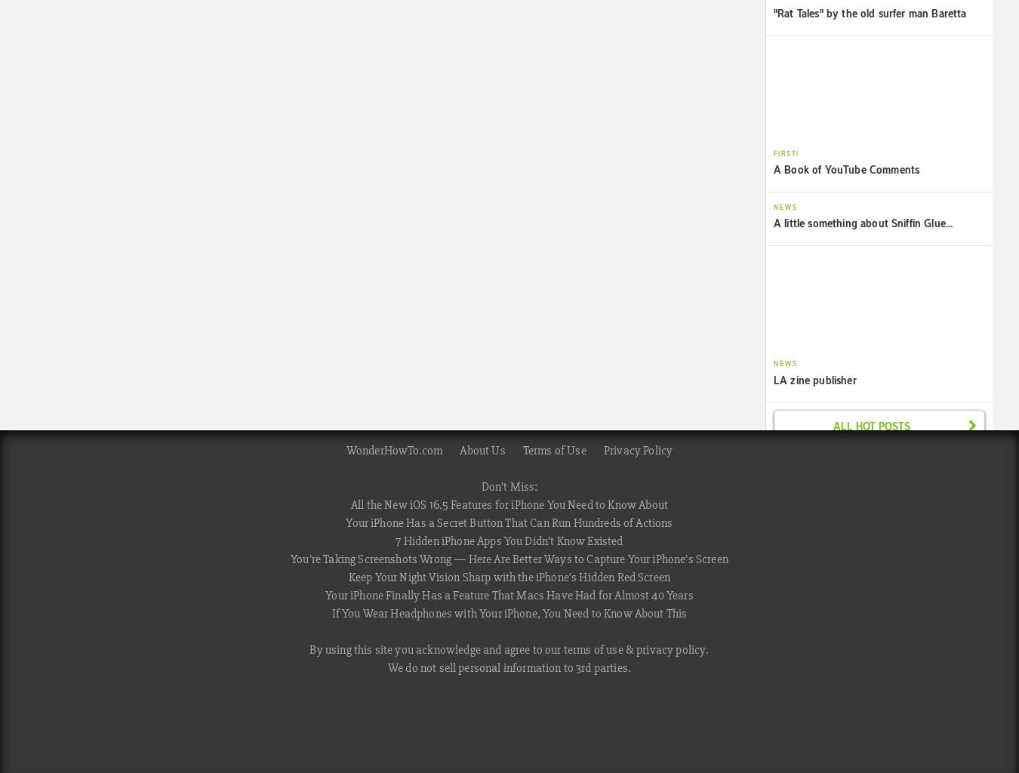  Describe the element at coordinates (481, 486) in the screenshot. I see `'Don't Miss:'` at that location.